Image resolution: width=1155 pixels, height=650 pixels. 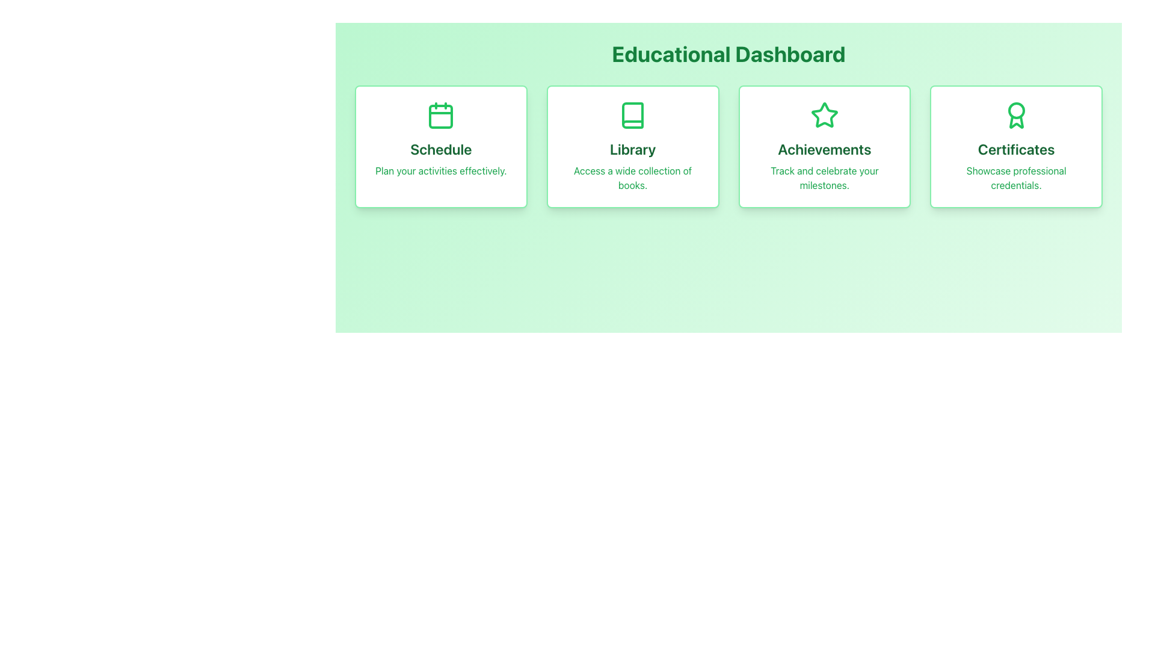 What do you see at coordinates (728, 53) in the screenshot?
I see `the heading or title text indicating 'Educational Dashboard', which is centrally positioned at the top of the page, preceding the grid layout of sections` at bounding box center [728, 53].